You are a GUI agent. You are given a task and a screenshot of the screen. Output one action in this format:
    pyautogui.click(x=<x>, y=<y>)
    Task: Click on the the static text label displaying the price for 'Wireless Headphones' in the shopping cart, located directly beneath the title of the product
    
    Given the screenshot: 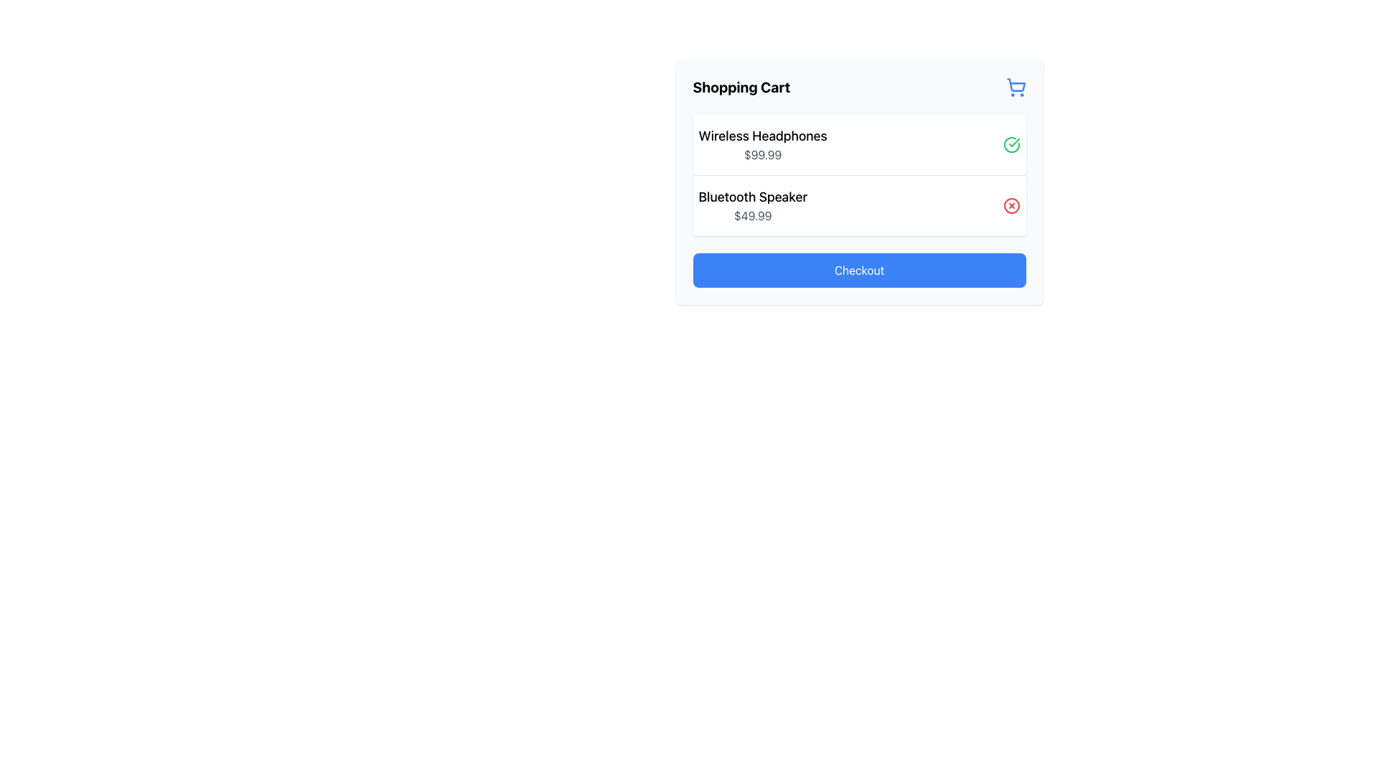 What is the action you would take?
    pyautogui.click(x=762, y=155)
    